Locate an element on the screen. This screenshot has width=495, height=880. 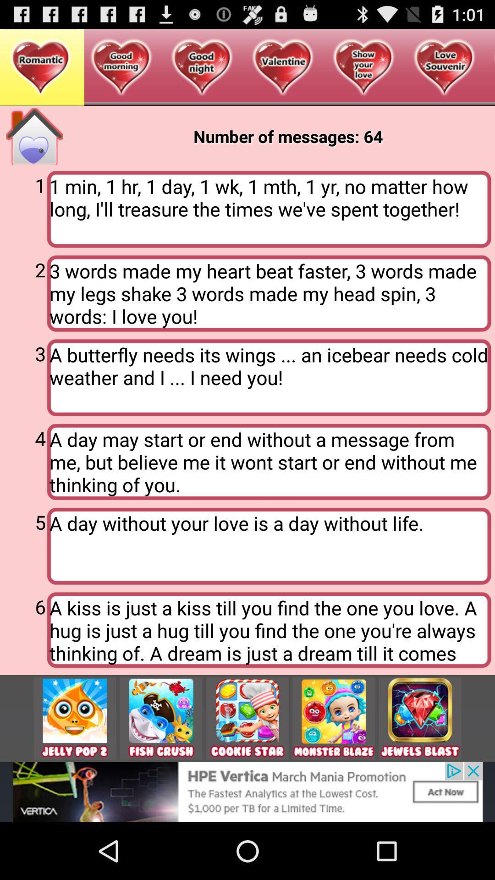
jelly pop 2 is located at coordinates (75, 718).